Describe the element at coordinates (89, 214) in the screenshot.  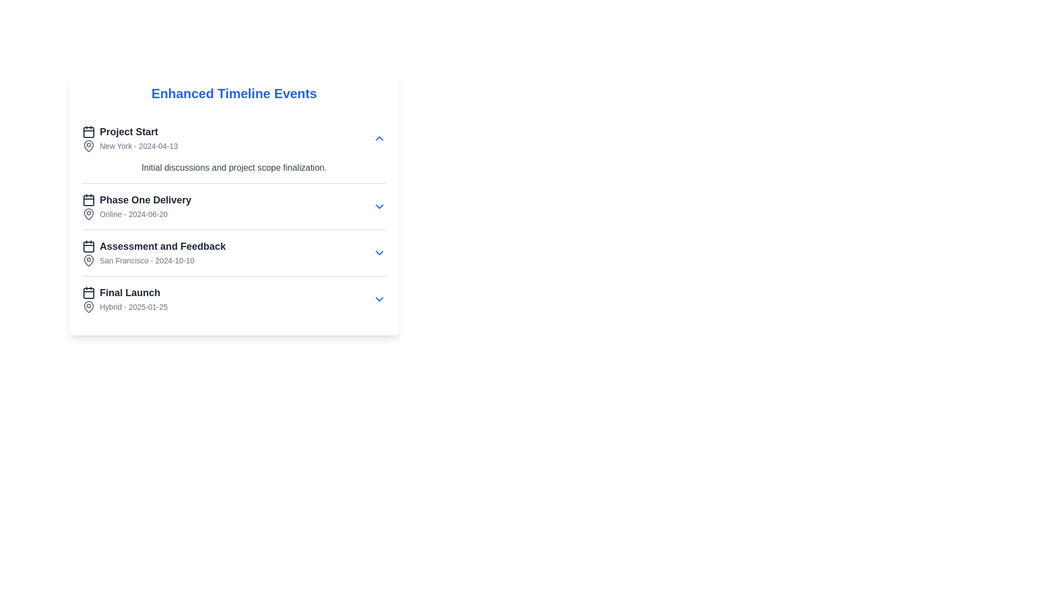
I see `the map pin icon that indicates delivery information next to the 'Phase One Delivery' text in the timeline events list` at that location.